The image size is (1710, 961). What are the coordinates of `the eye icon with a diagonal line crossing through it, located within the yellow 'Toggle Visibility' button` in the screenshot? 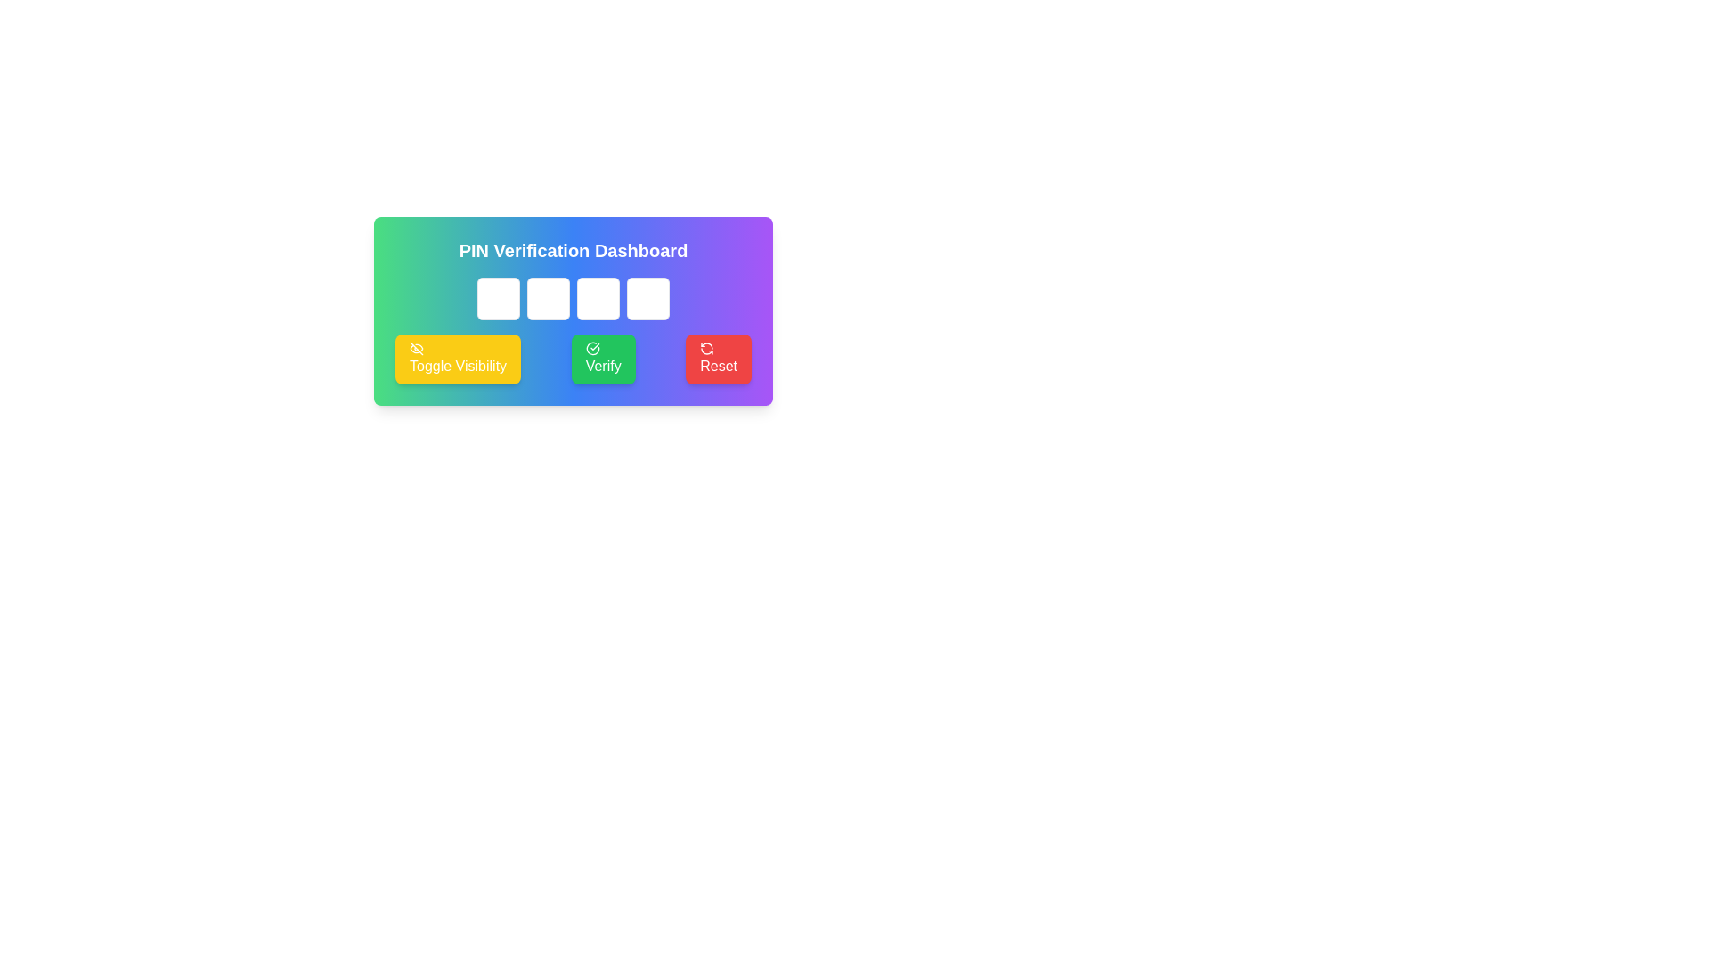 It's located at (415, 349).